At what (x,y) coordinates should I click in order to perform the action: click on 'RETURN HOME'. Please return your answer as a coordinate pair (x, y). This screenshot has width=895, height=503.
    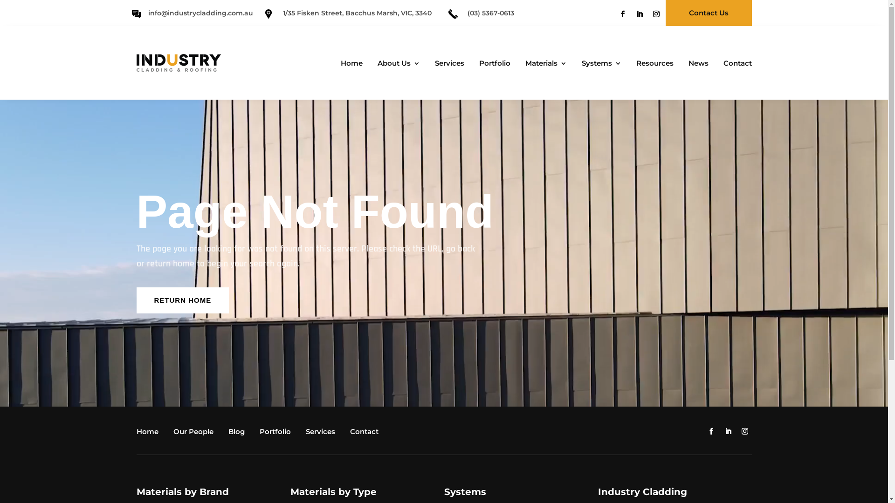
    Looking at the image, I should click on (182, 300).